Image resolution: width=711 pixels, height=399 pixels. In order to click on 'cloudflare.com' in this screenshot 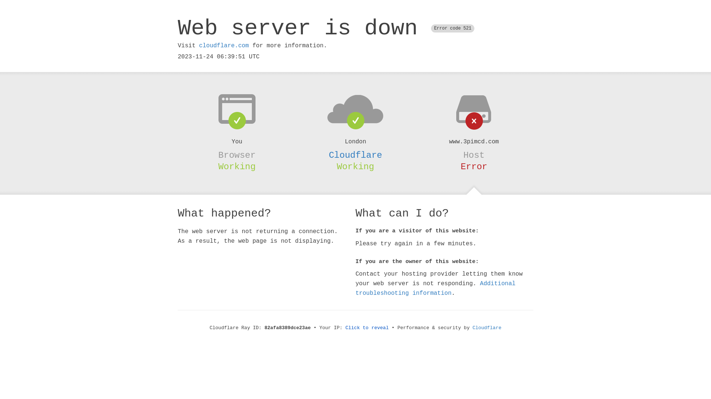, I will do `click(223, 45)`.